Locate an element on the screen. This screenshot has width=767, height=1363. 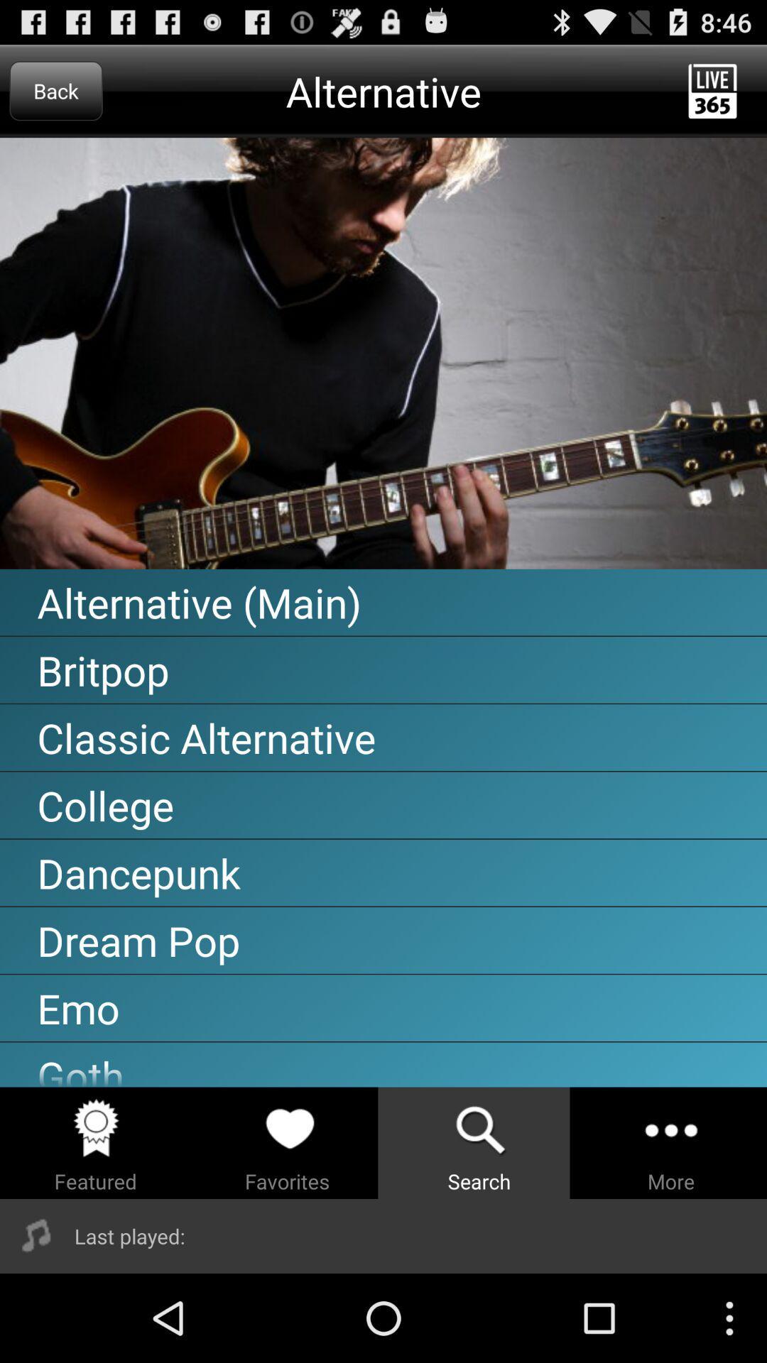
shows picture is located at coordinates (383, 354).